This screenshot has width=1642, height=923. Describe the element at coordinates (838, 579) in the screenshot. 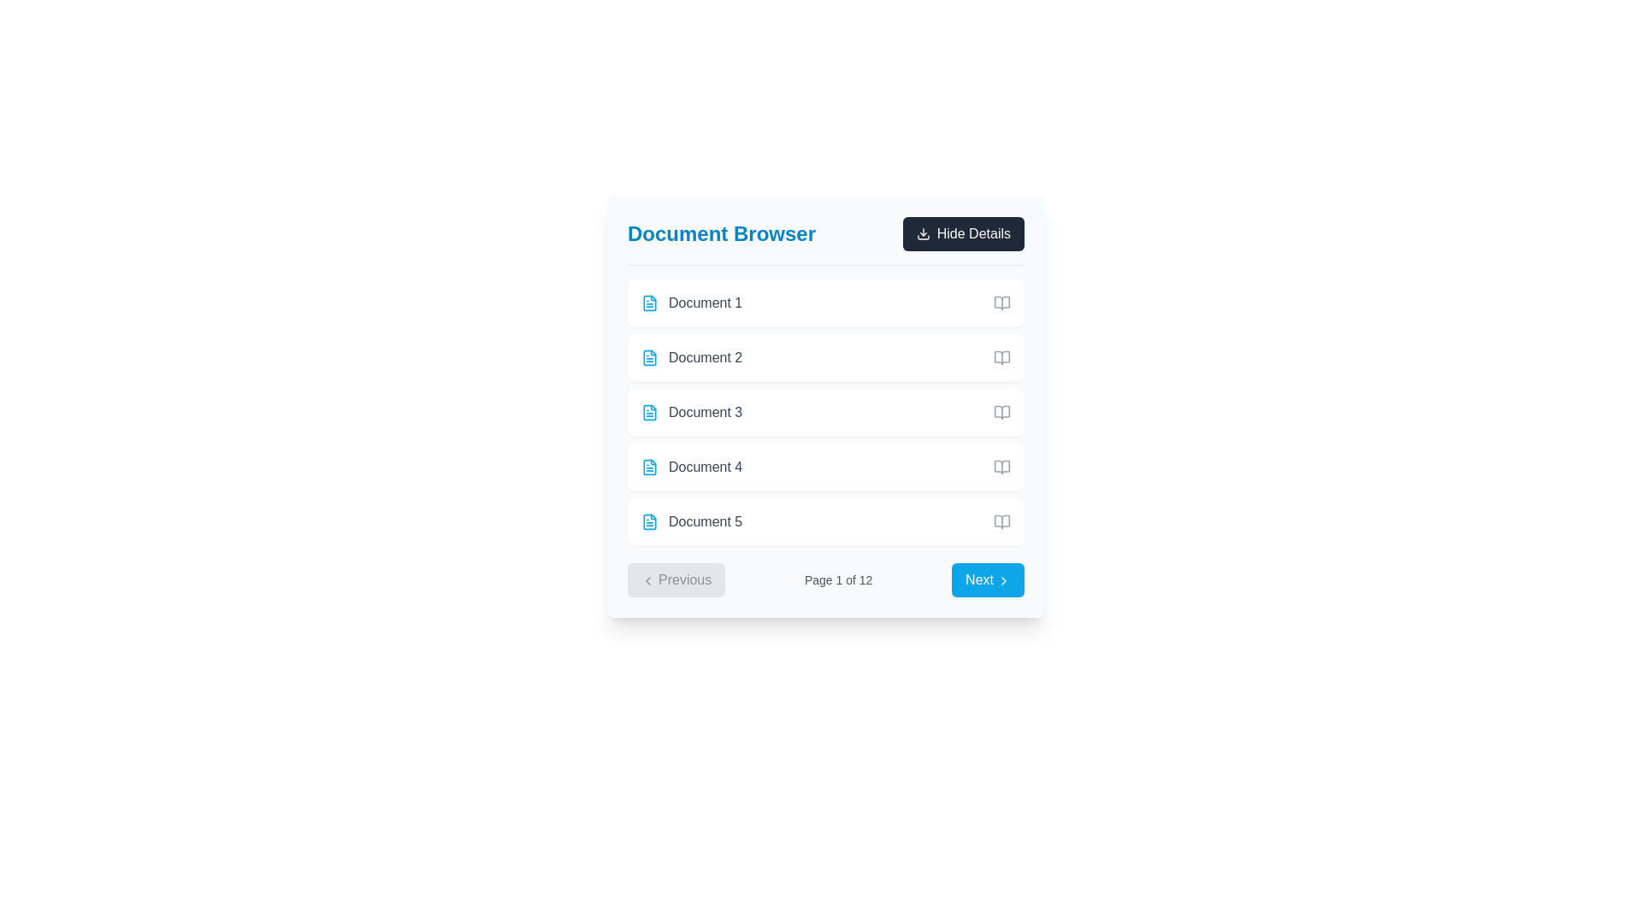

I see `the pagination text label that reads 'Page 1 of 12', which is centrally aligned within the pagination bar` at that location.